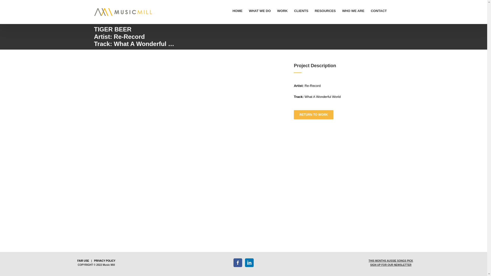 The height and width of the screenshot is (276, 491). I want to click on 'WHAT WE DO', so click(260, 11).